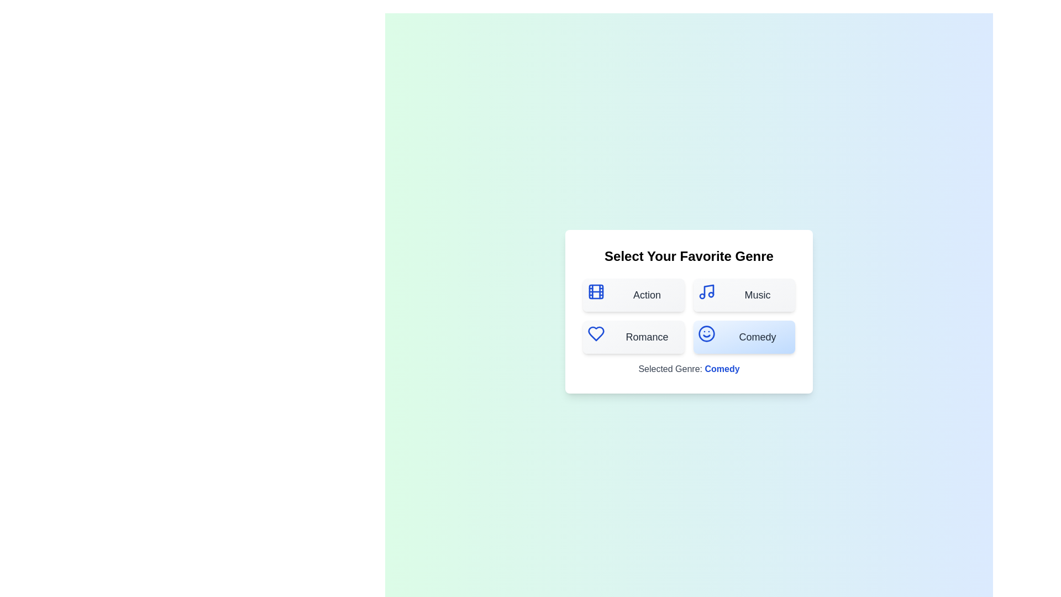  What do you see at coordinates (757, 294) in the screenshot?
I see `text label indicating the genre 'Music' located in the upper-right button under 'Select Your Favorite Genre'` at bounding box center [757, 294].